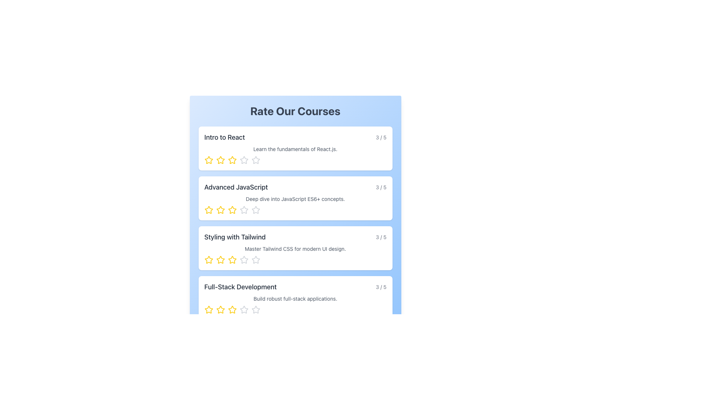  I want to click on the second yellow star icon in the rating system for 'Advanced JavaScript', so click(220, 210).